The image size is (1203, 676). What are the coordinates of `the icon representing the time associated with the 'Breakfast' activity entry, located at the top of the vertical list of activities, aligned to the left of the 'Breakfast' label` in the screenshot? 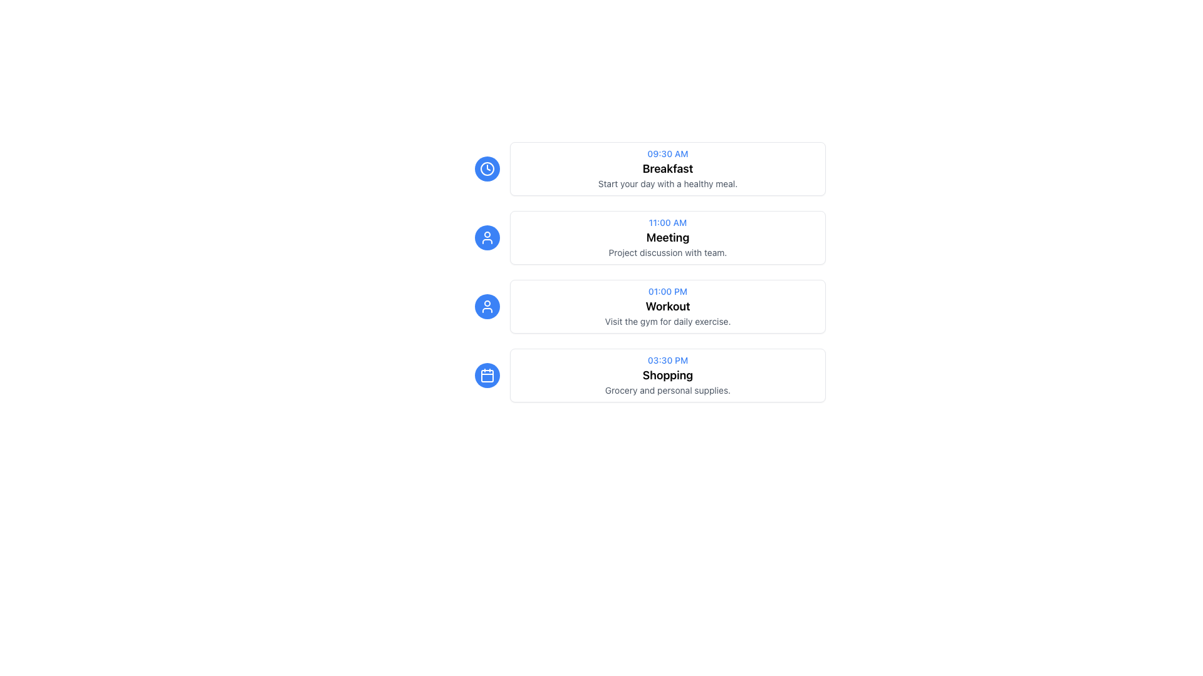 It's located at (486, 169).